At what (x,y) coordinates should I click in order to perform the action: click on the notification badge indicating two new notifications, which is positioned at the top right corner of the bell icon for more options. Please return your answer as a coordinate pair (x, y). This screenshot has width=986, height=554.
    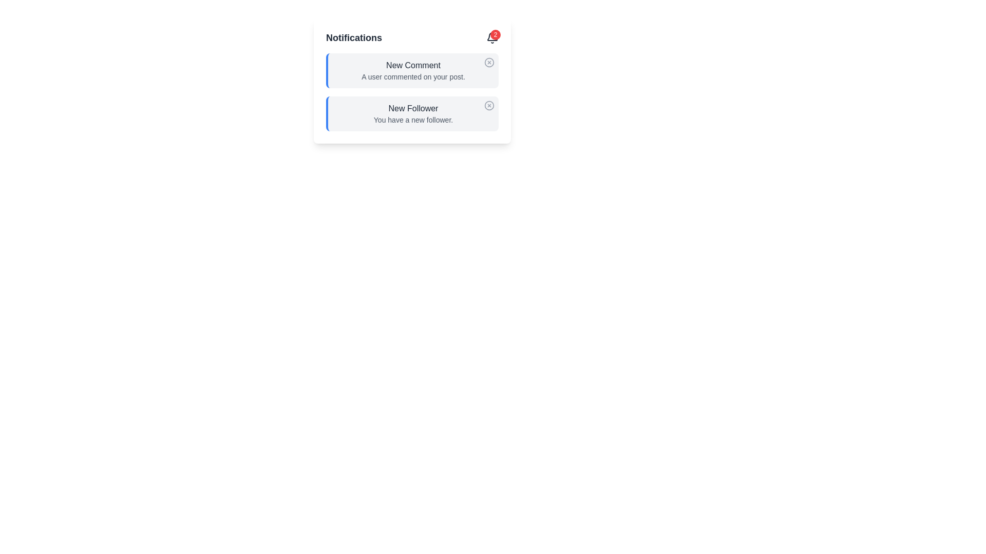
    Looking at the image, I should click on (495, 34).